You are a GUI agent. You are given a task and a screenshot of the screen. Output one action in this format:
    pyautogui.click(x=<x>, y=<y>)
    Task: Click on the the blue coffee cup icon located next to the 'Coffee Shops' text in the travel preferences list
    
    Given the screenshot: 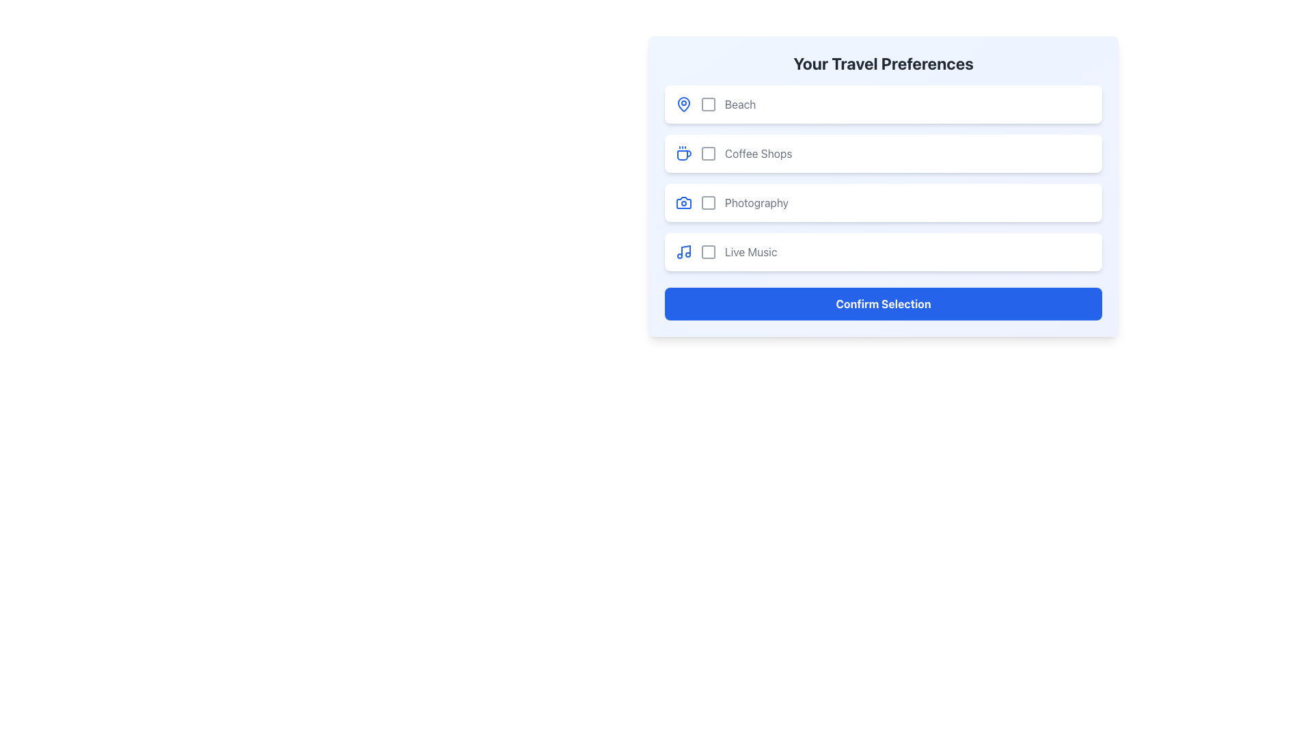 What is the action you would take?
    pyautogui.click(x=684, y=153)
    